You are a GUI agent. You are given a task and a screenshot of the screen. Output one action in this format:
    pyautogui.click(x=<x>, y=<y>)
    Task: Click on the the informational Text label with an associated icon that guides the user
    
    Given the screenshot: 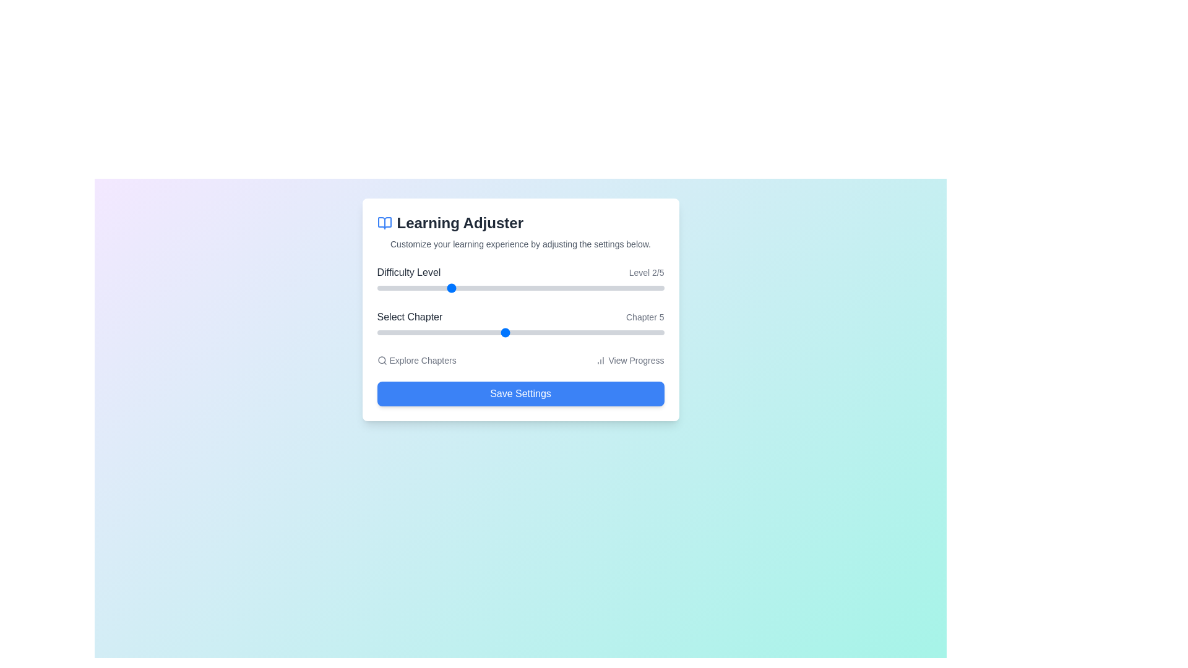 What is the action you would take?
    pyautogui.click(x=416, y=360)
    